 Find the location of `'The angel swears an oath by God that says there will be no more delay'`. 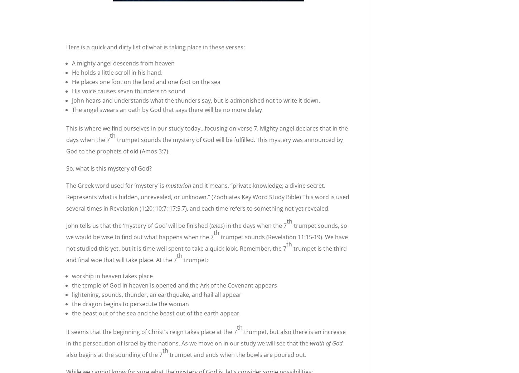

'The angel swears an oath by God that says there will be no more delay' is located at coordinates (166, 109).